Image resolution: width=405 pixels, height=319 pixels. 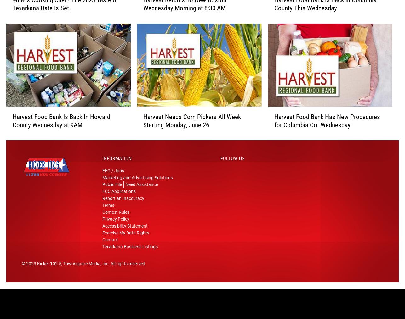 I want to click on 'Accessibility Statement', so click(x=124, y=228).